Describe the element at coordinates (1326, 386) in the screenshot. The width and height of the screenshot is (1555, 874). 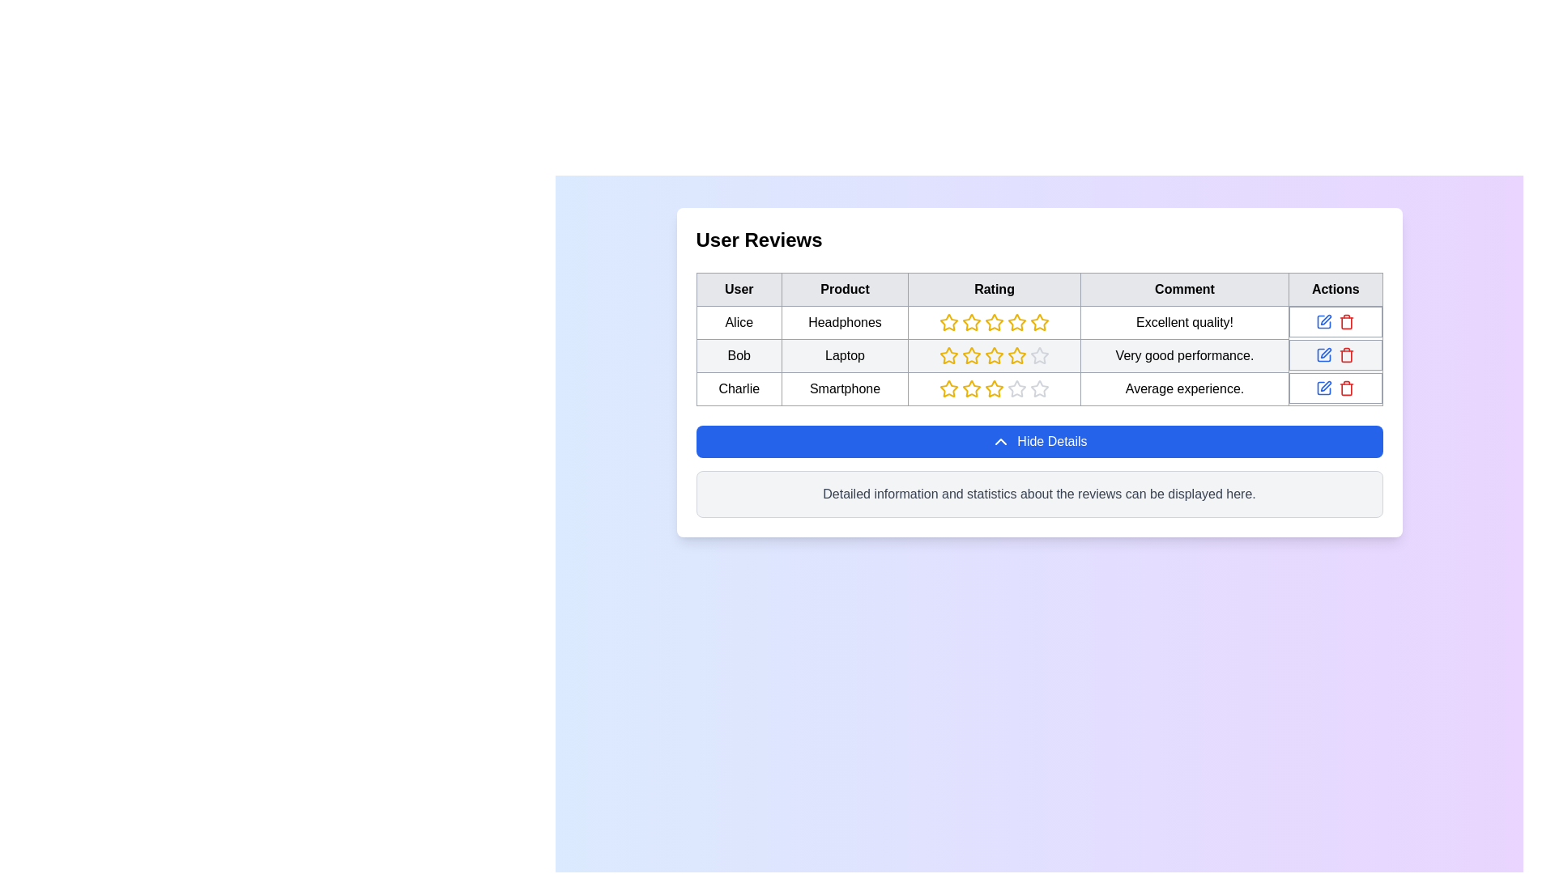
I see `the edit icon located in the 'Actions' column of the last row in the table` at that location.